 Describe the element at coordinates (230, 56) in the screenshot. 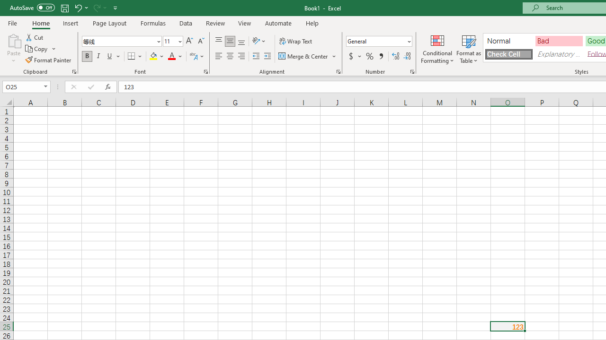

I see `'Center'` at that location.